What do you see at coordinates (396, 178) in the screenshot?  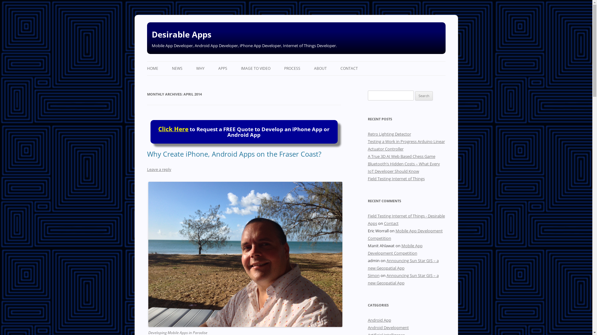 I see `'Field Testing Internet of Things'` at bounding box center [396, 178].